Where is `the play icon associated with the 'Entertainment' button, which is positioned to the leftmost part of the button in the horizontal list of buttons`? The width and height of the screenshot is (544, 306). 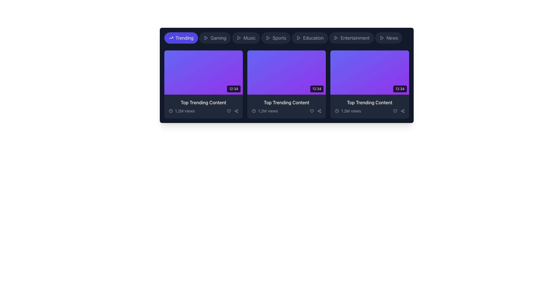 the play icon associated with the 'Entertainment' button, which is positioned to the leftmost part of the button in the horizontal list of buttons is located at coordinates (336, 38).